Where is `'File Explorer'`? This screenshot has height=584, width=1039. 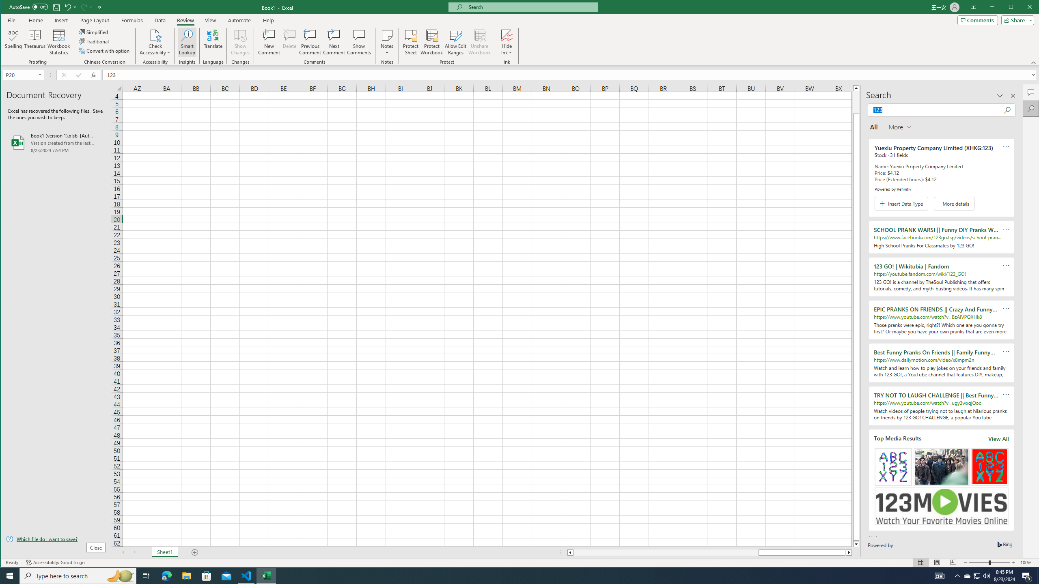
'File Explorer' is located at coordinates (186, 575).